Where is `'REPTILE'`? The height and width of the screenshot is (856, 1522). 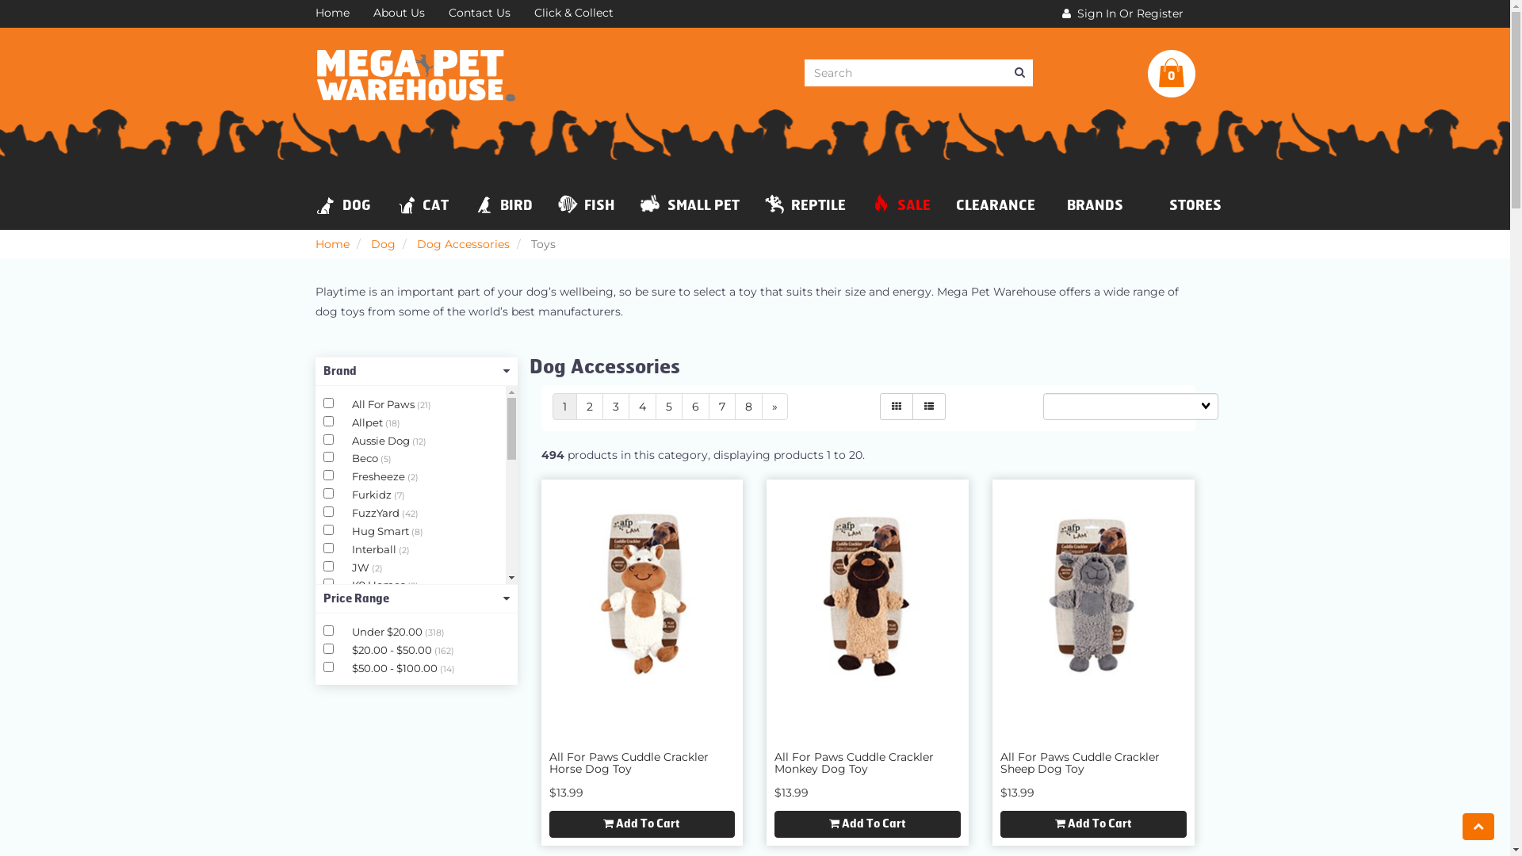
'REPTILE' is located at coordinates (751, 204).